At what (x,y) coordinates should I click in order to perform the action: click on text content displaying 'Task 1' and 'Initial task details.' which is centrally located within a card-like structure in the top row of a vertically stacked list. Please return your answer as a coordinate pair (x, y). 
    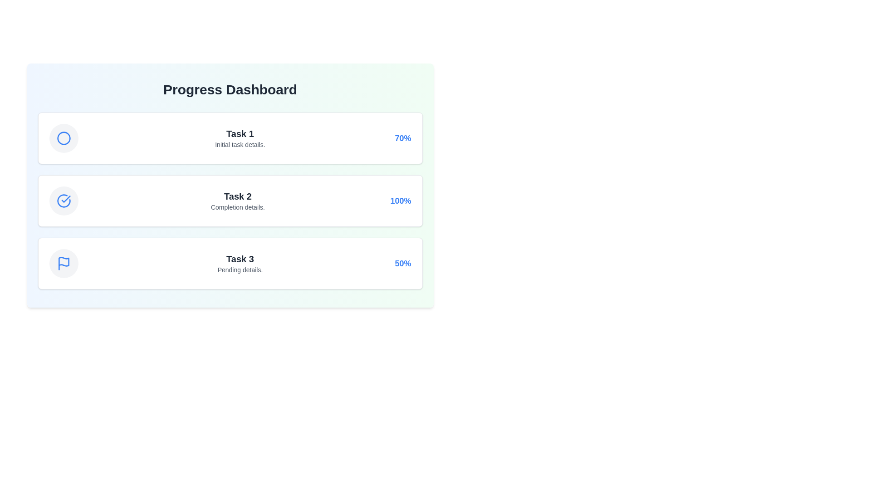
    Looking at the image, I should click on (240, 138).